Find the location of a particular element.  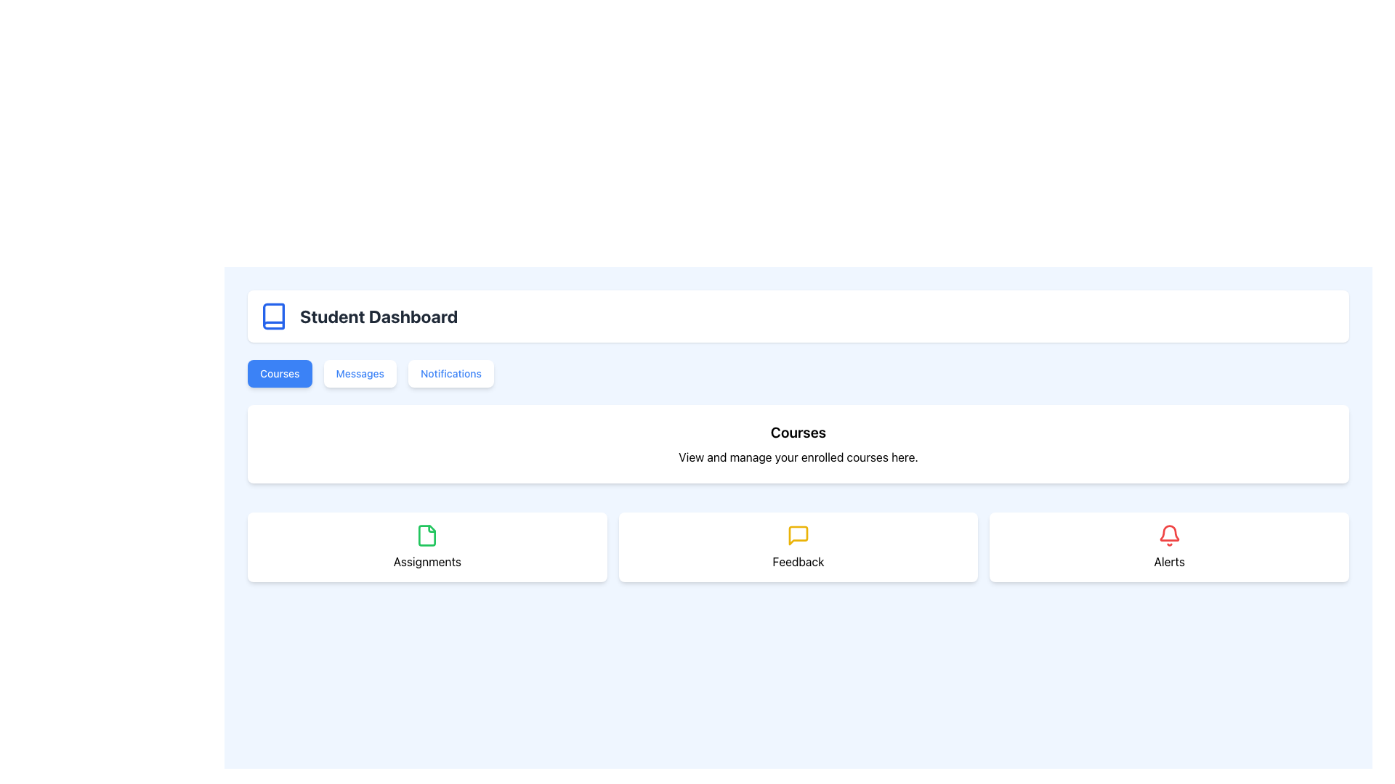

the feedback icon located in the center of the Feedback card in the second row under the Courses section is located at coordinates (798, 535).